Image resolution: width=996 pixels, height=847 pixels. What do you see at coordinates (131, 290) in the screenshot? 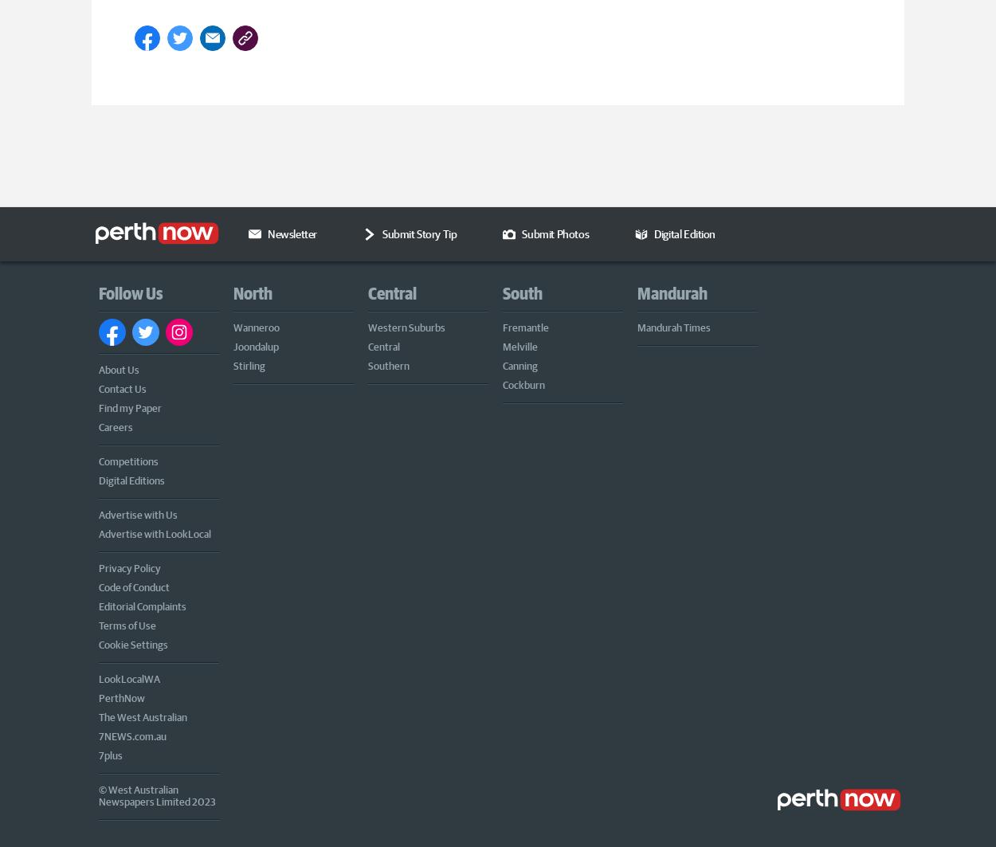
I see `'Follow Us'` at bounding box center [131, 290].